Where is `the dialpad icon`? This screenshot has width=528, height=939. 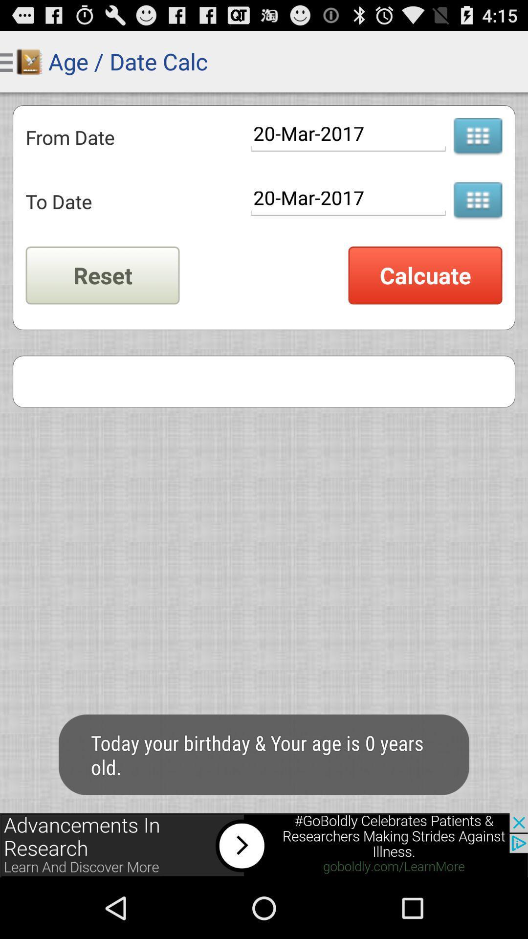 the dialpad icon is located at coordinates (477, 215).